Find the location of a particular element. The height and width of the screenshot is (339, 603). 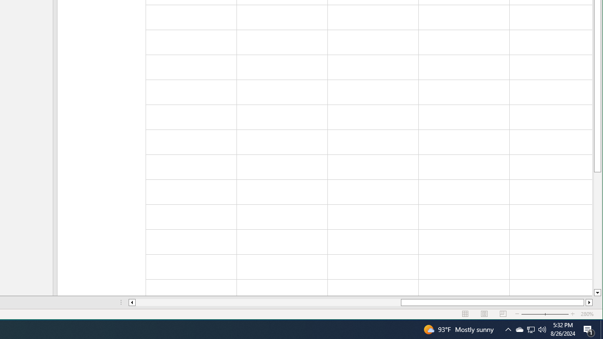

'Page down' is located at coordinates (597, 230).